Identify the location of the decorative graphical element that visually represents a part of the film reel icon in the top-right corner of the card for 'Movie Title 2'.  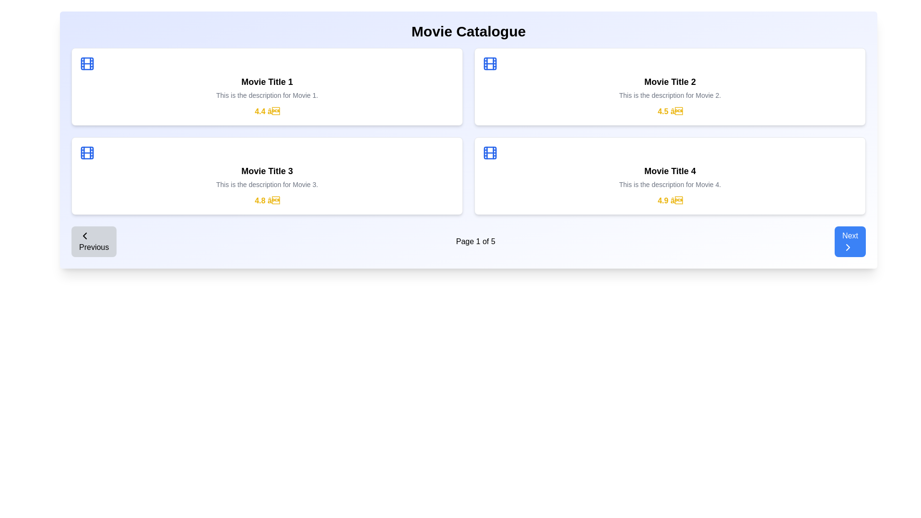
(490, 63).